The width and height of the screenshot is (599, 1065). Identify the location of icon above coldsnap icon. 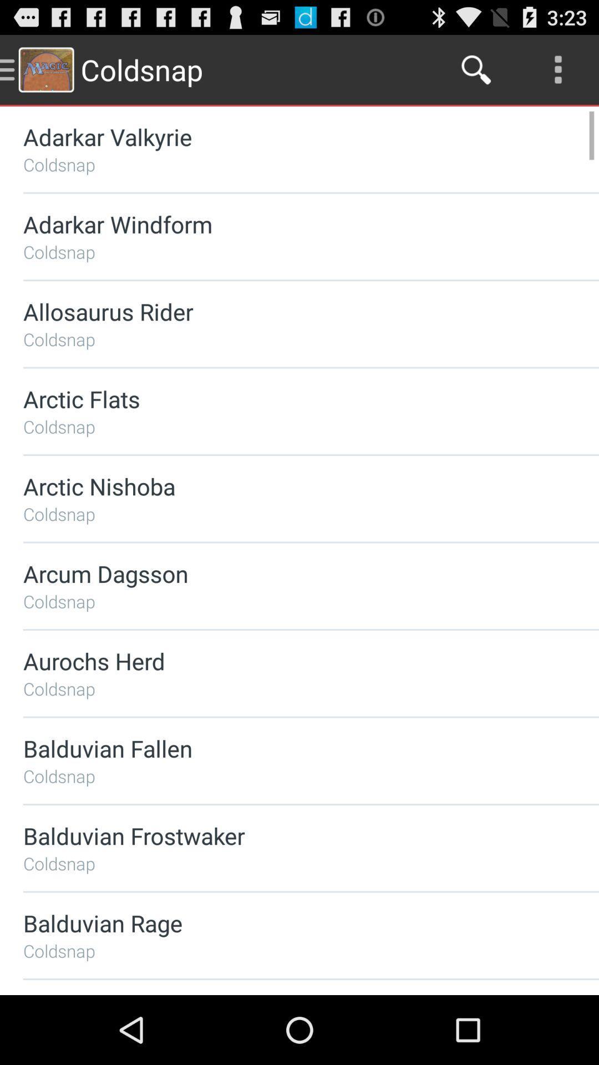
(281, 748).